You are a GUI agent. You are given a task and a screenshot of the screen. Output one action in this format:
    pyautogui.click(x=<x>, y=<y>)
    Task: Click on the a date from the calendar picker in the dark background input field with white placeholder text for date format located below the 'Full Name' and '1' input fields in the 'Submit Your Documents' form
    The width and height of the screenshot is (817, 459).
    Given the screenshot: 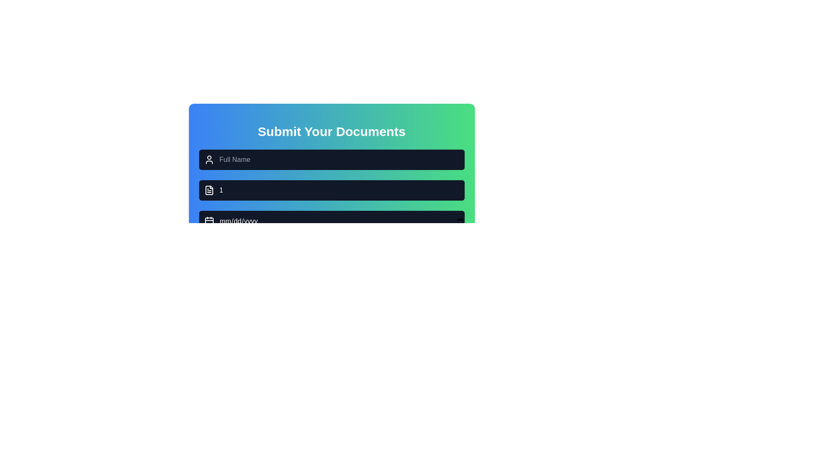 What is the action you would take?
    pyautogui.click(x=331, y=221)
    